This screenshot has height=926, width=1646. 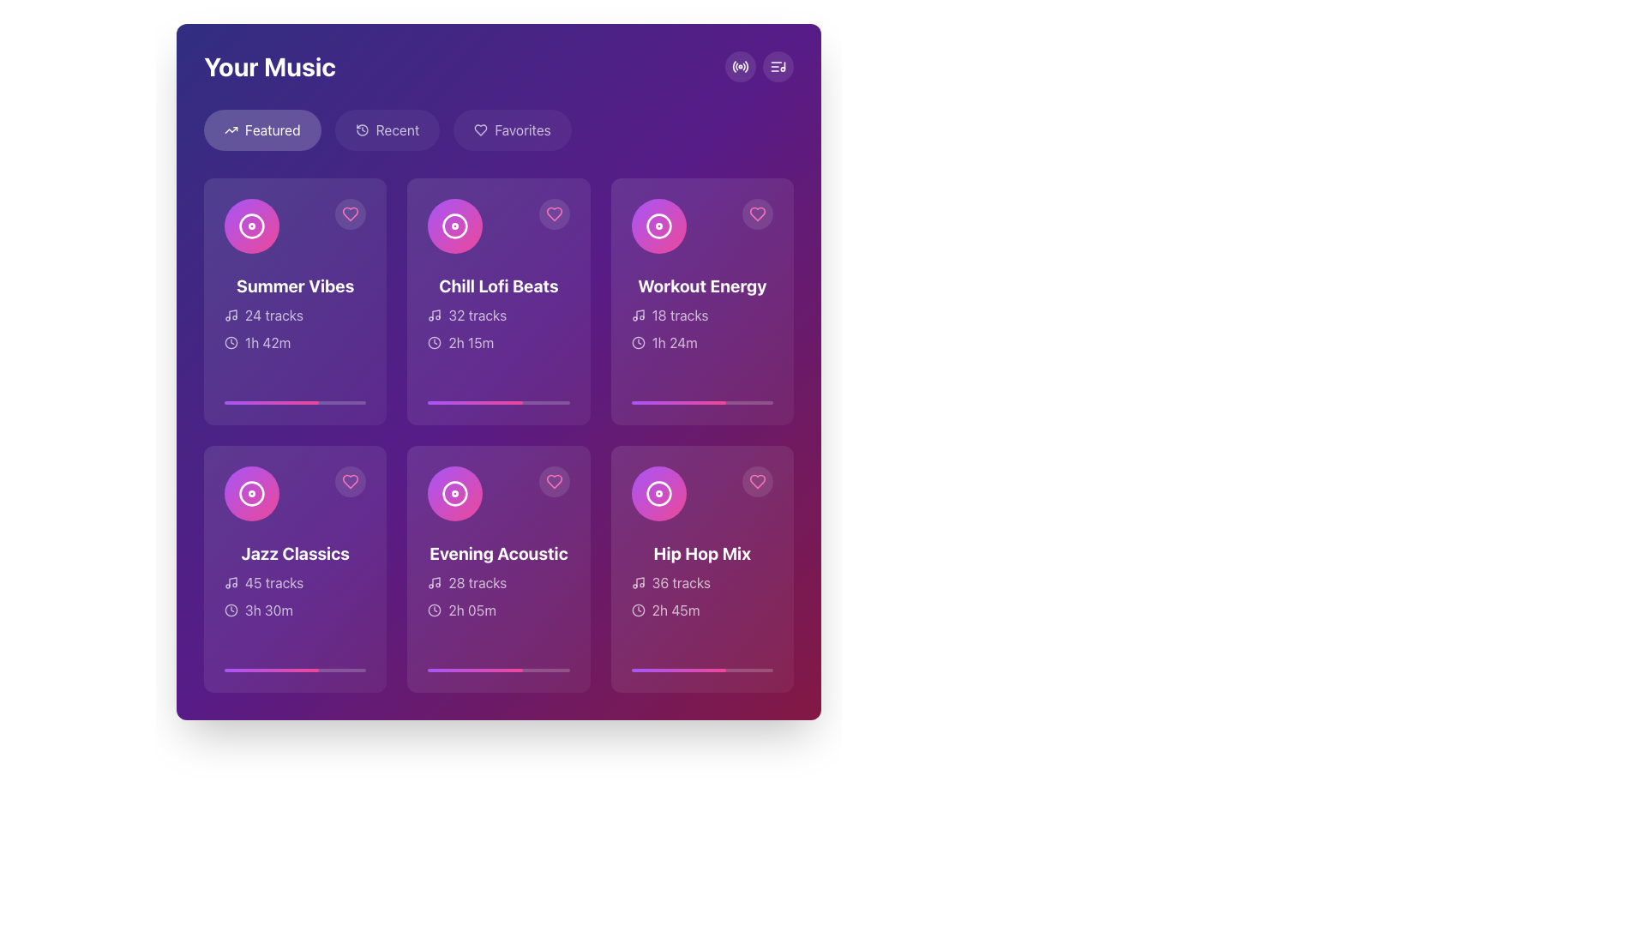 What do you see at coordinates (478, 315) in the screenshot?
I see `the text element displaying '32 tracks' located beneath the title and icon in the 'Chill Lofi Beats' content card` at bounding box center [478, 315].